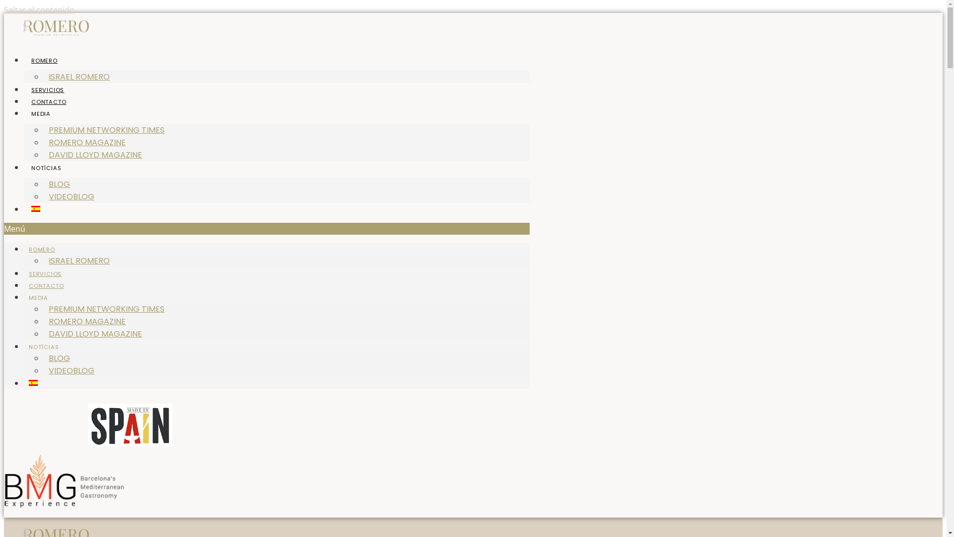  I want to click on 'BLOG', so click(59, 358).